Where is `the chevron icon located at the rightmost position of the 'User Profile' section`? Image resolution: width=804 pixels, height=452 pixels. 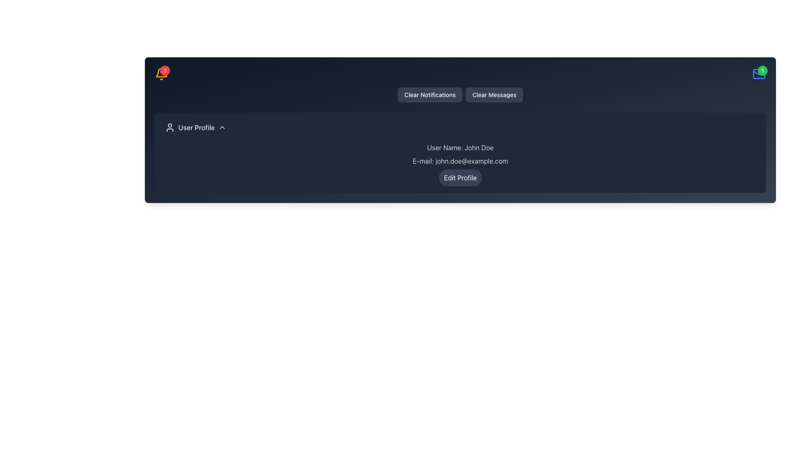
the chevron icon located at the rightmost position of the 'User Profile' section is located at coordinates (222, 127).